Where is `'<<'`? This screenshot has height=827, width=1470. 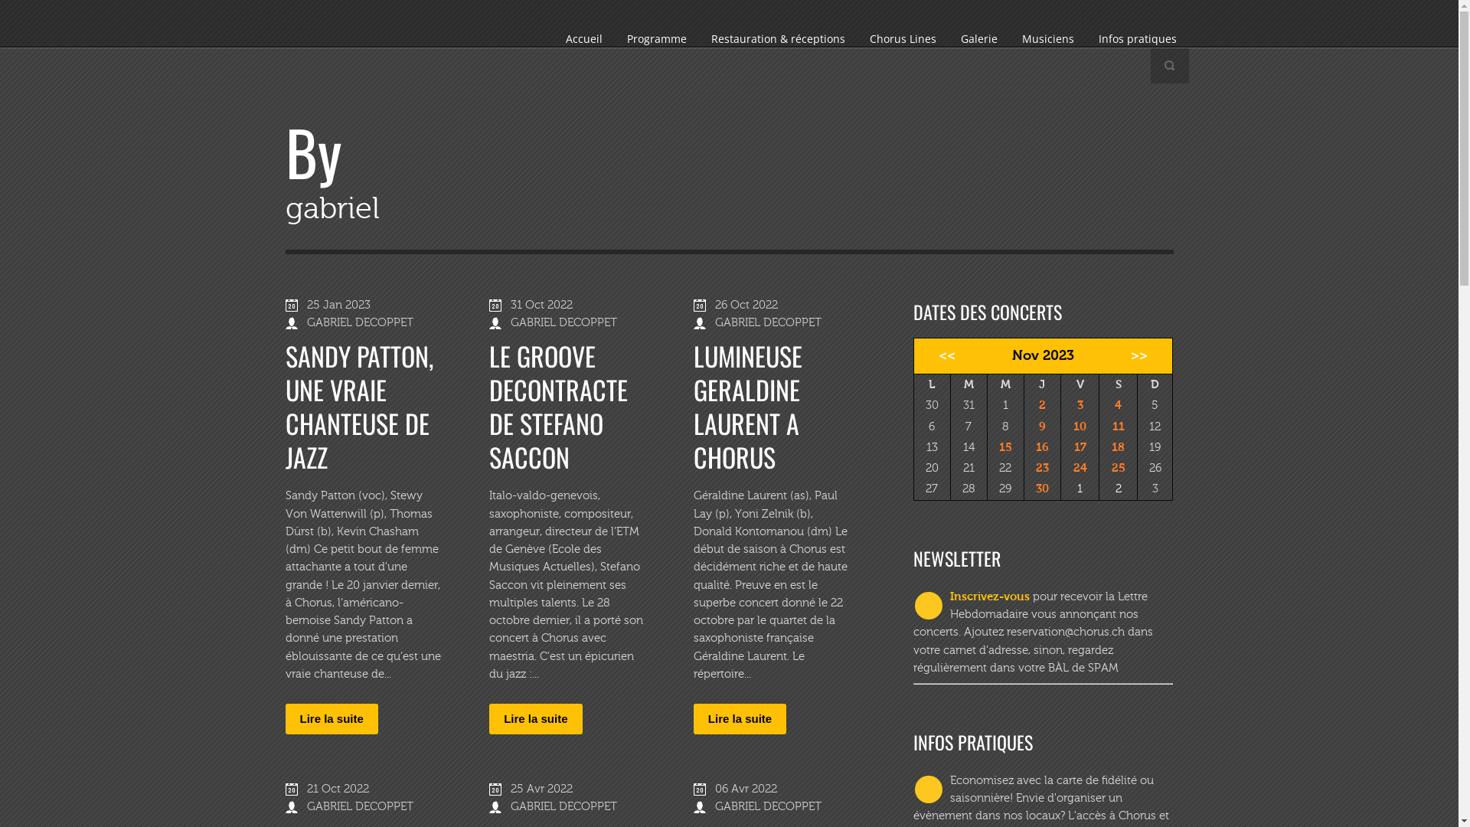 '<<' is located at coordinates (942, 356).